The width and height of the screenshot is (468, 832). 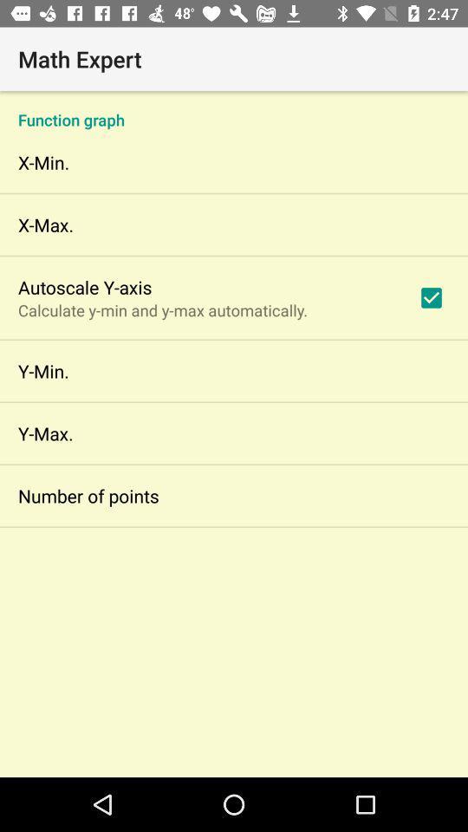 What do you see at coordinates (88, 496) in the screenshot?
I see `number of points item` at bounding box center [88, 496].